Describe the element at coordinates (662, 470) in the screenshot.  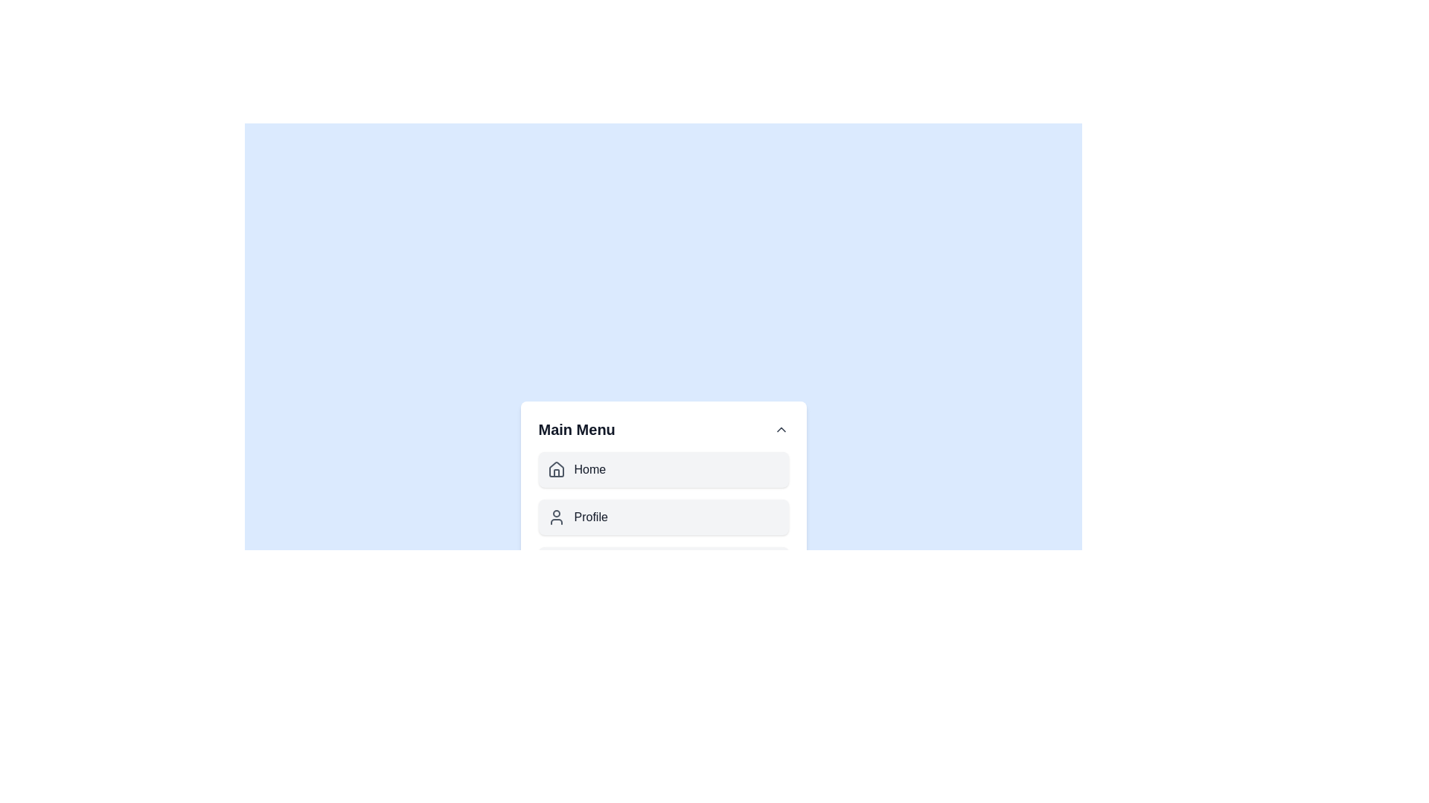
I see `the menu item labeled Home` at that location.